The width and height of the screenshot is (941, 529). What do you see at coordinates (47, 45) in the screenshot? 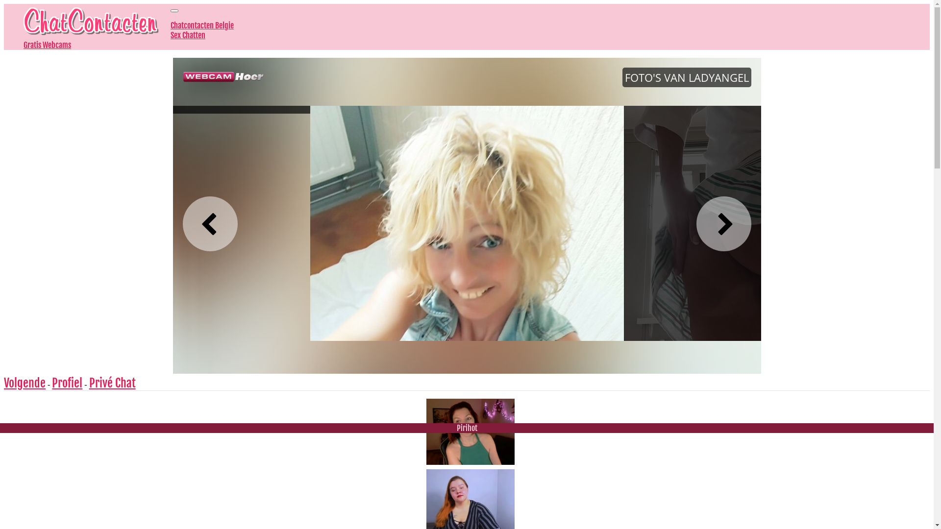
I see `'Gratis Webcams'` at bounding box center [47, 45].